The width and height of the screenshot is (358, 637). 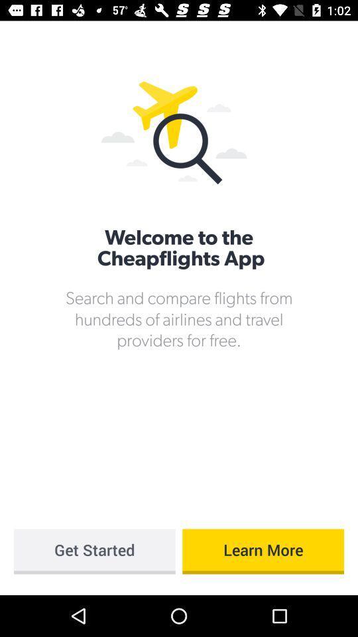 I want to click on the get started item, so click(x=93, y=551).